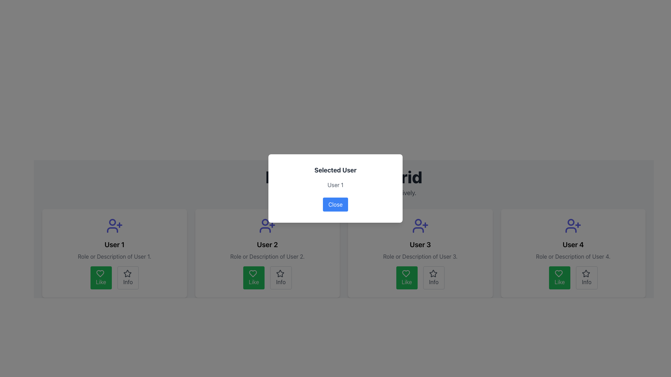 The image size is (671, 377). Describe the element at coordinates (114, 244) in the screenshot. I see `the text label that displays the user's name, located in the first box of user cards, below the user avatar icon and above the description text` at that location.